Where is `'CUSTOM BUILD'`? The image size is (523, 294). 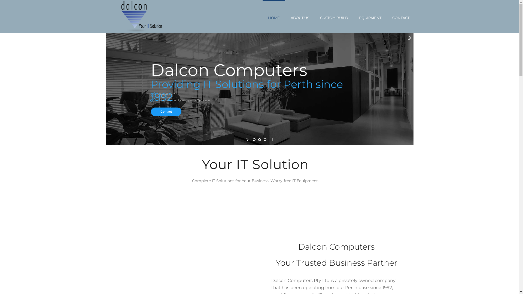
'CUSTOM BUILD' is located at coordinates (333, 16).